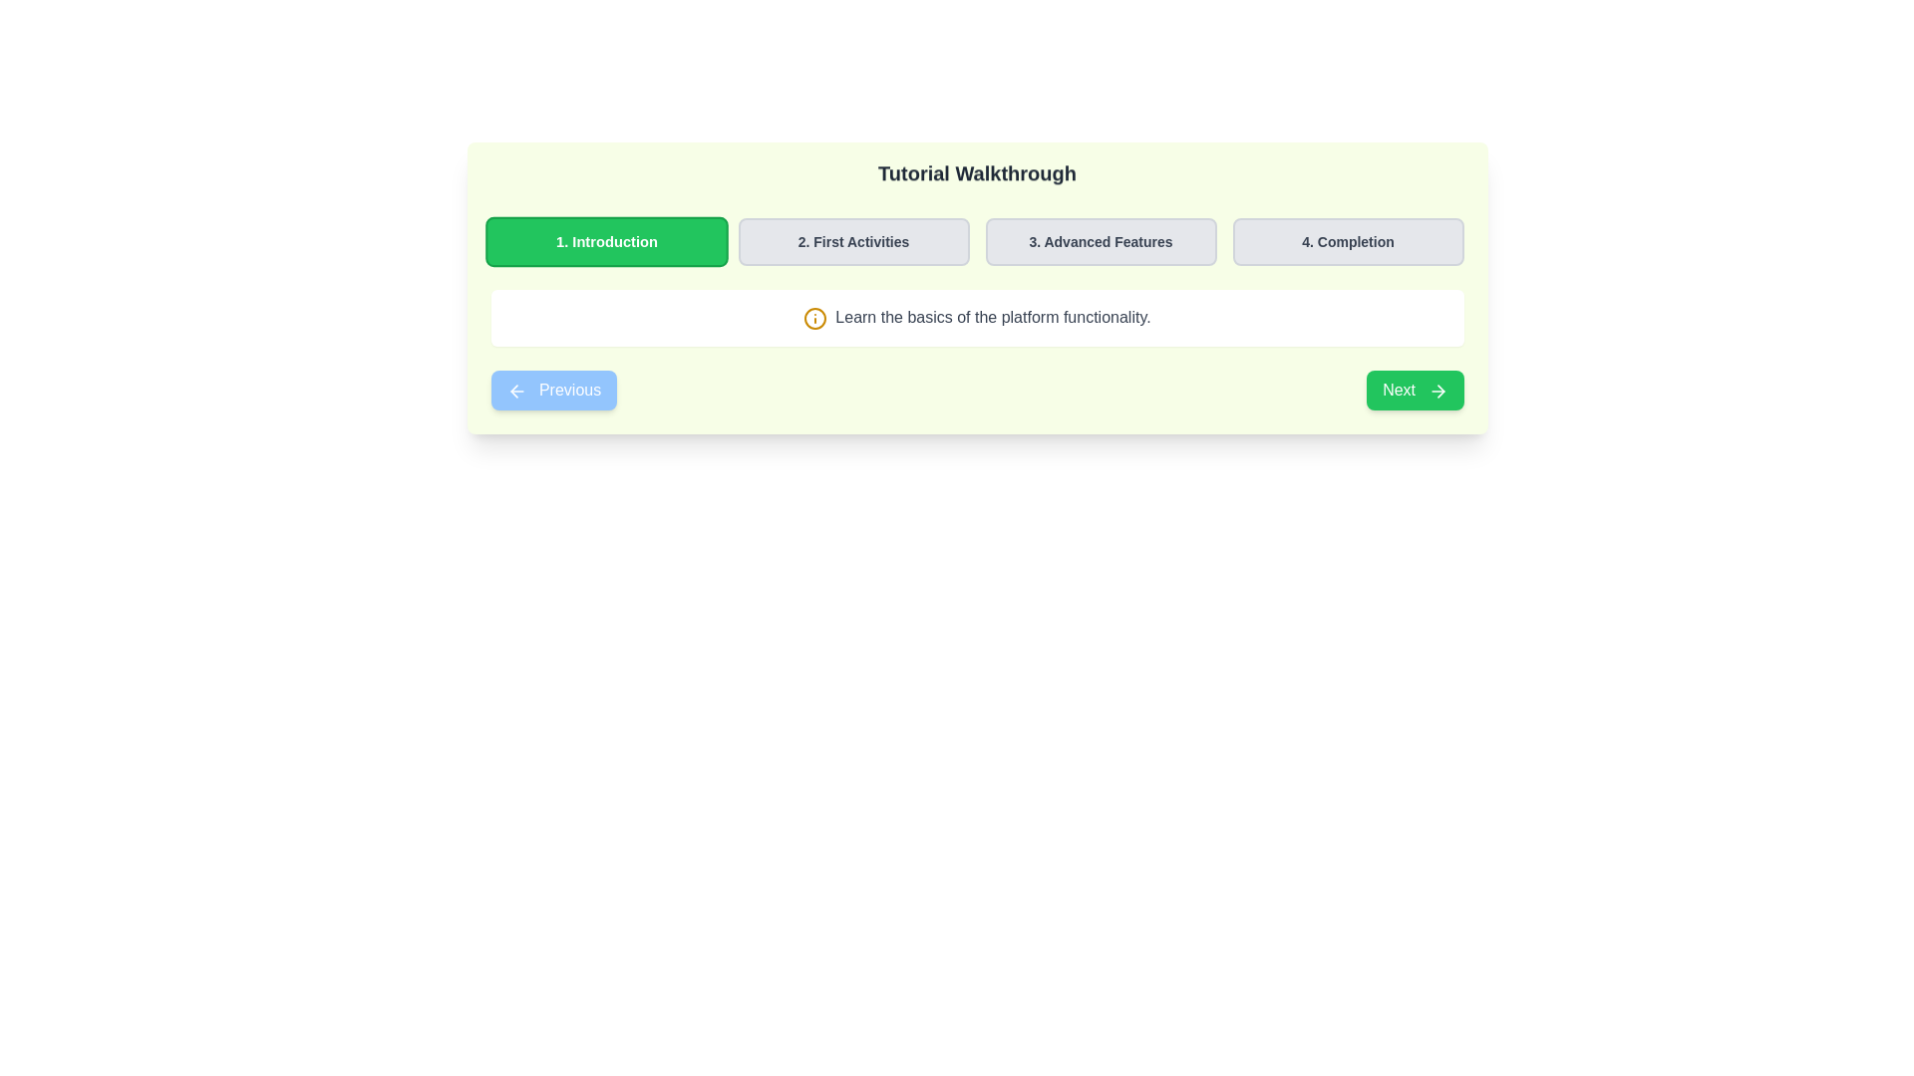 The width and height of the screenshot is (1914, 1076). What do you see at coordinates (977, 317) in the screenshot?
I see `informational message block located beneath the grid of buttons labeled '1. Introduction,' '2. First Activities,' '3. Advanced Features,' and '4. Completion,' centered horizontally and positioned above the navigation buttons 'Previous' and 'Next.'` at bounding box center [977, 317].